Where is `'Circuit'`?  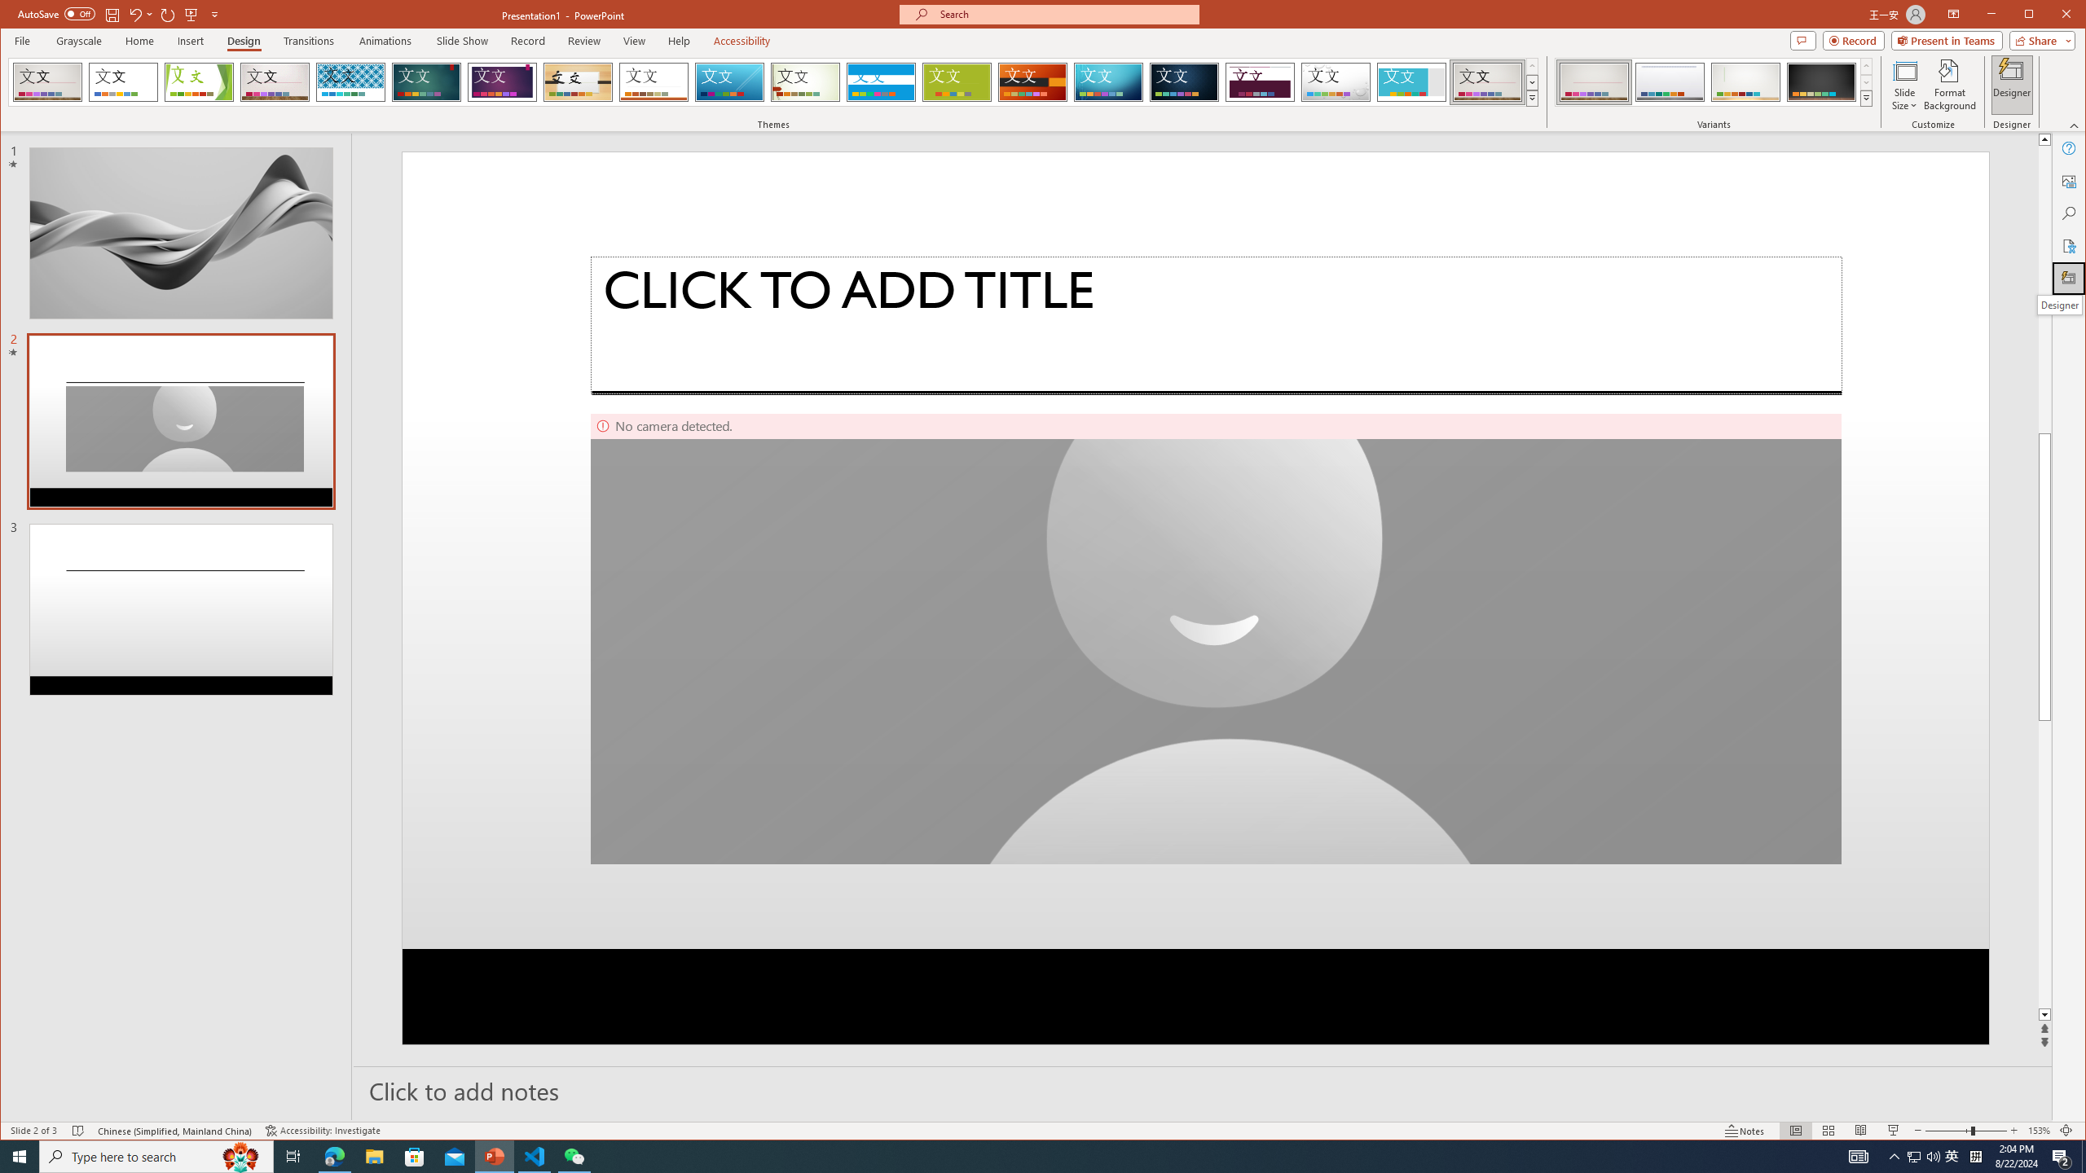 'Circuit' is located at coordinates (1108, 81).